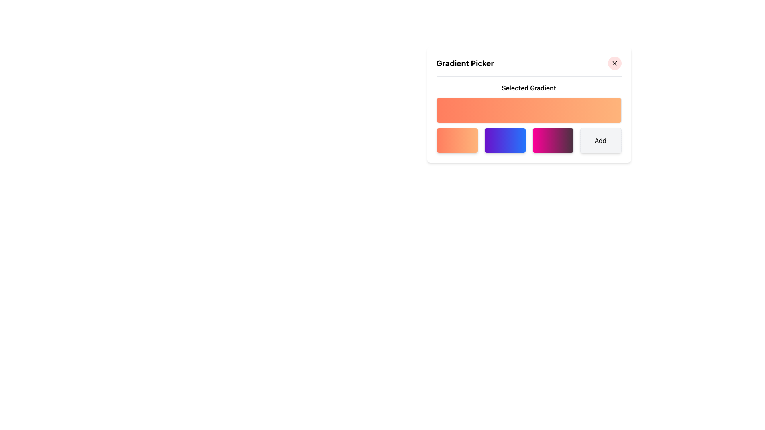  Describe the element at coordinates (457, 140) in the screenshot. I see `the first gradient selection button located below the 'Selected Gradient' bar` at that location.